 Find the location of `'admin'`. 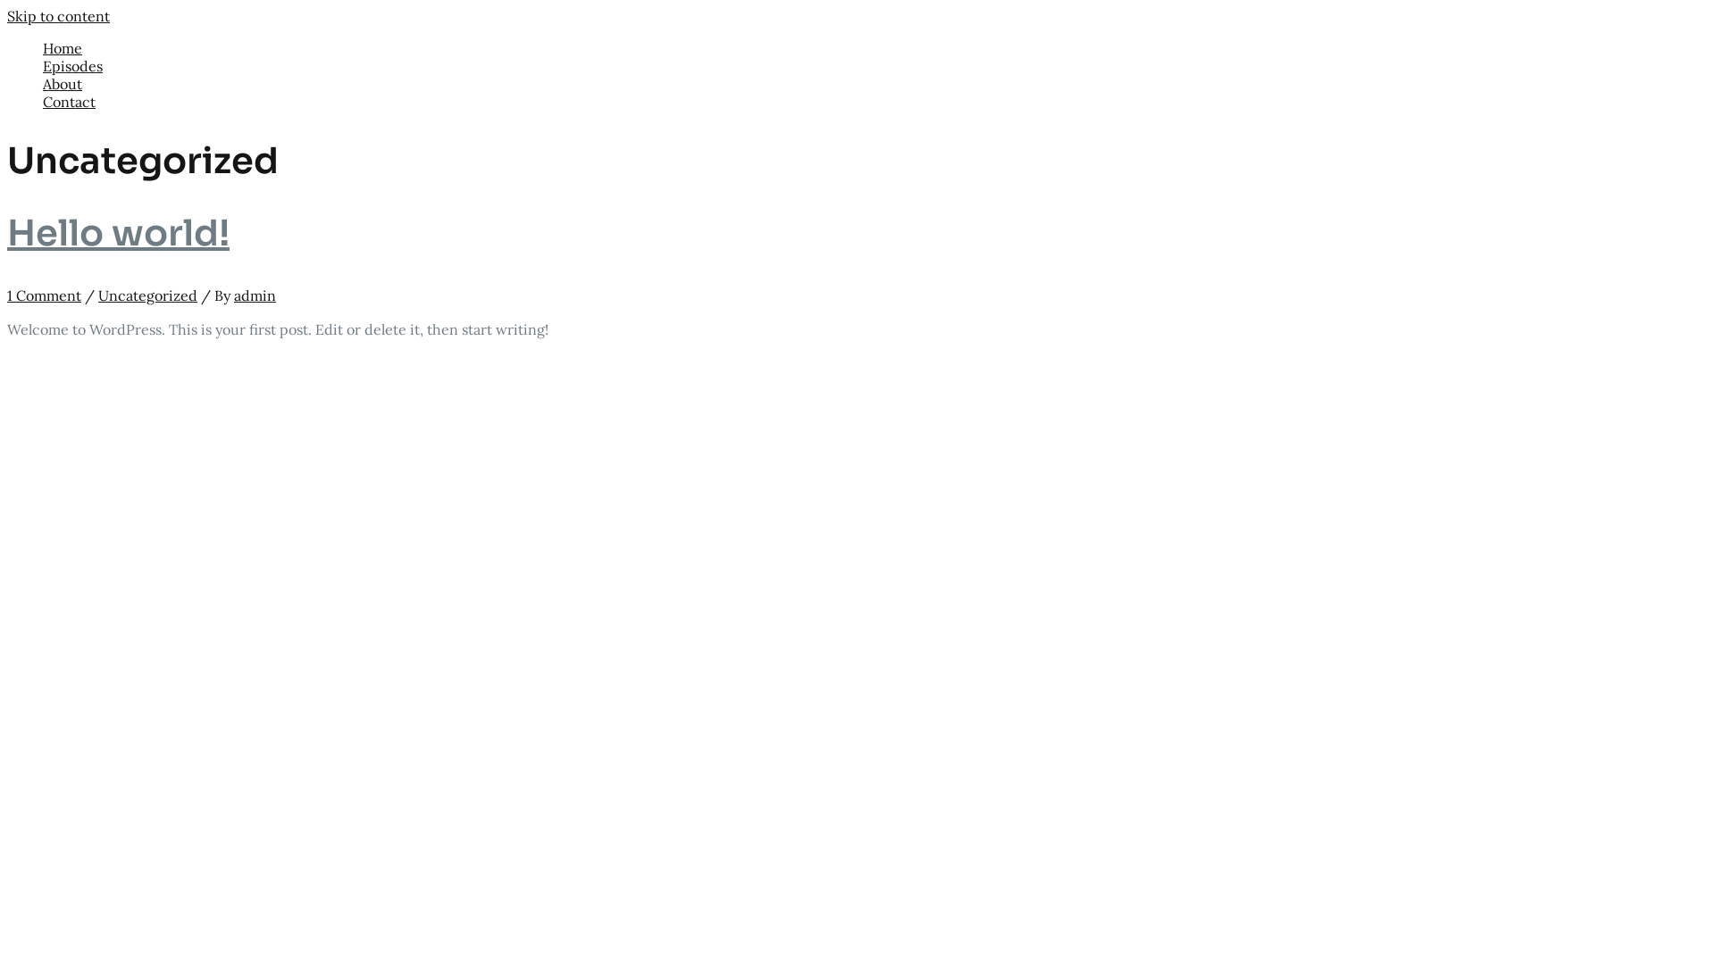

'admin' is located at coordinates (233, 295).